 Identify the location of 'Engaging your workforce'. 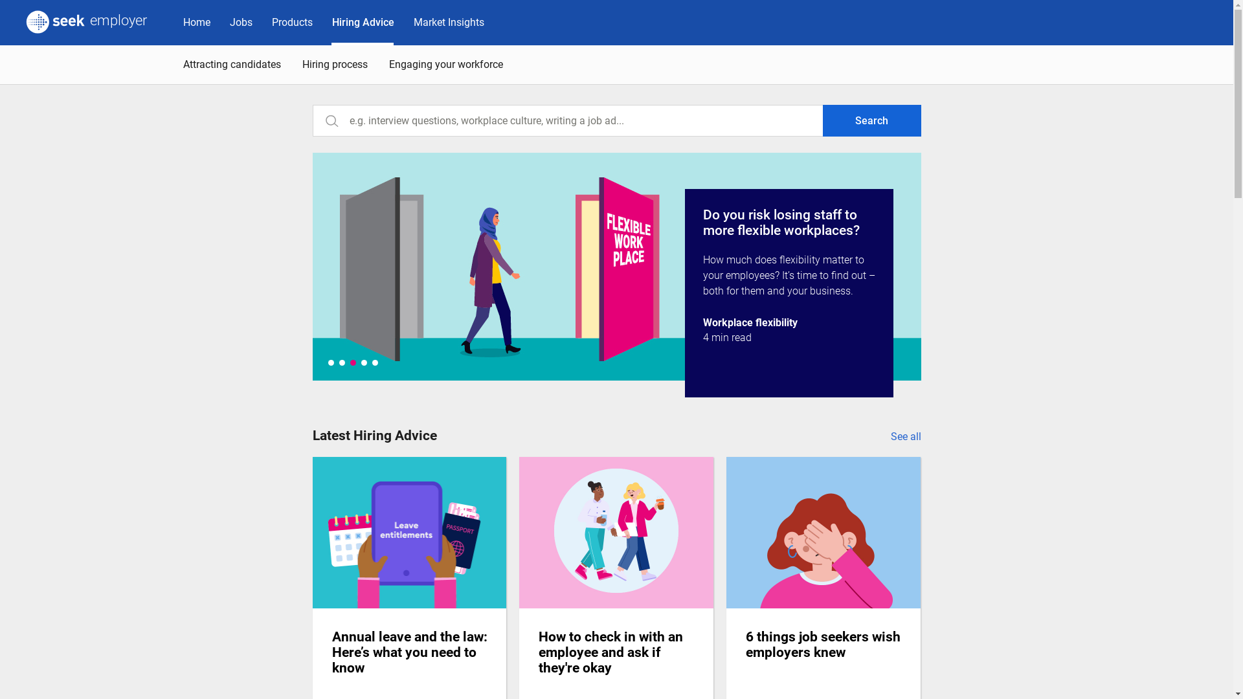
(447, 65).